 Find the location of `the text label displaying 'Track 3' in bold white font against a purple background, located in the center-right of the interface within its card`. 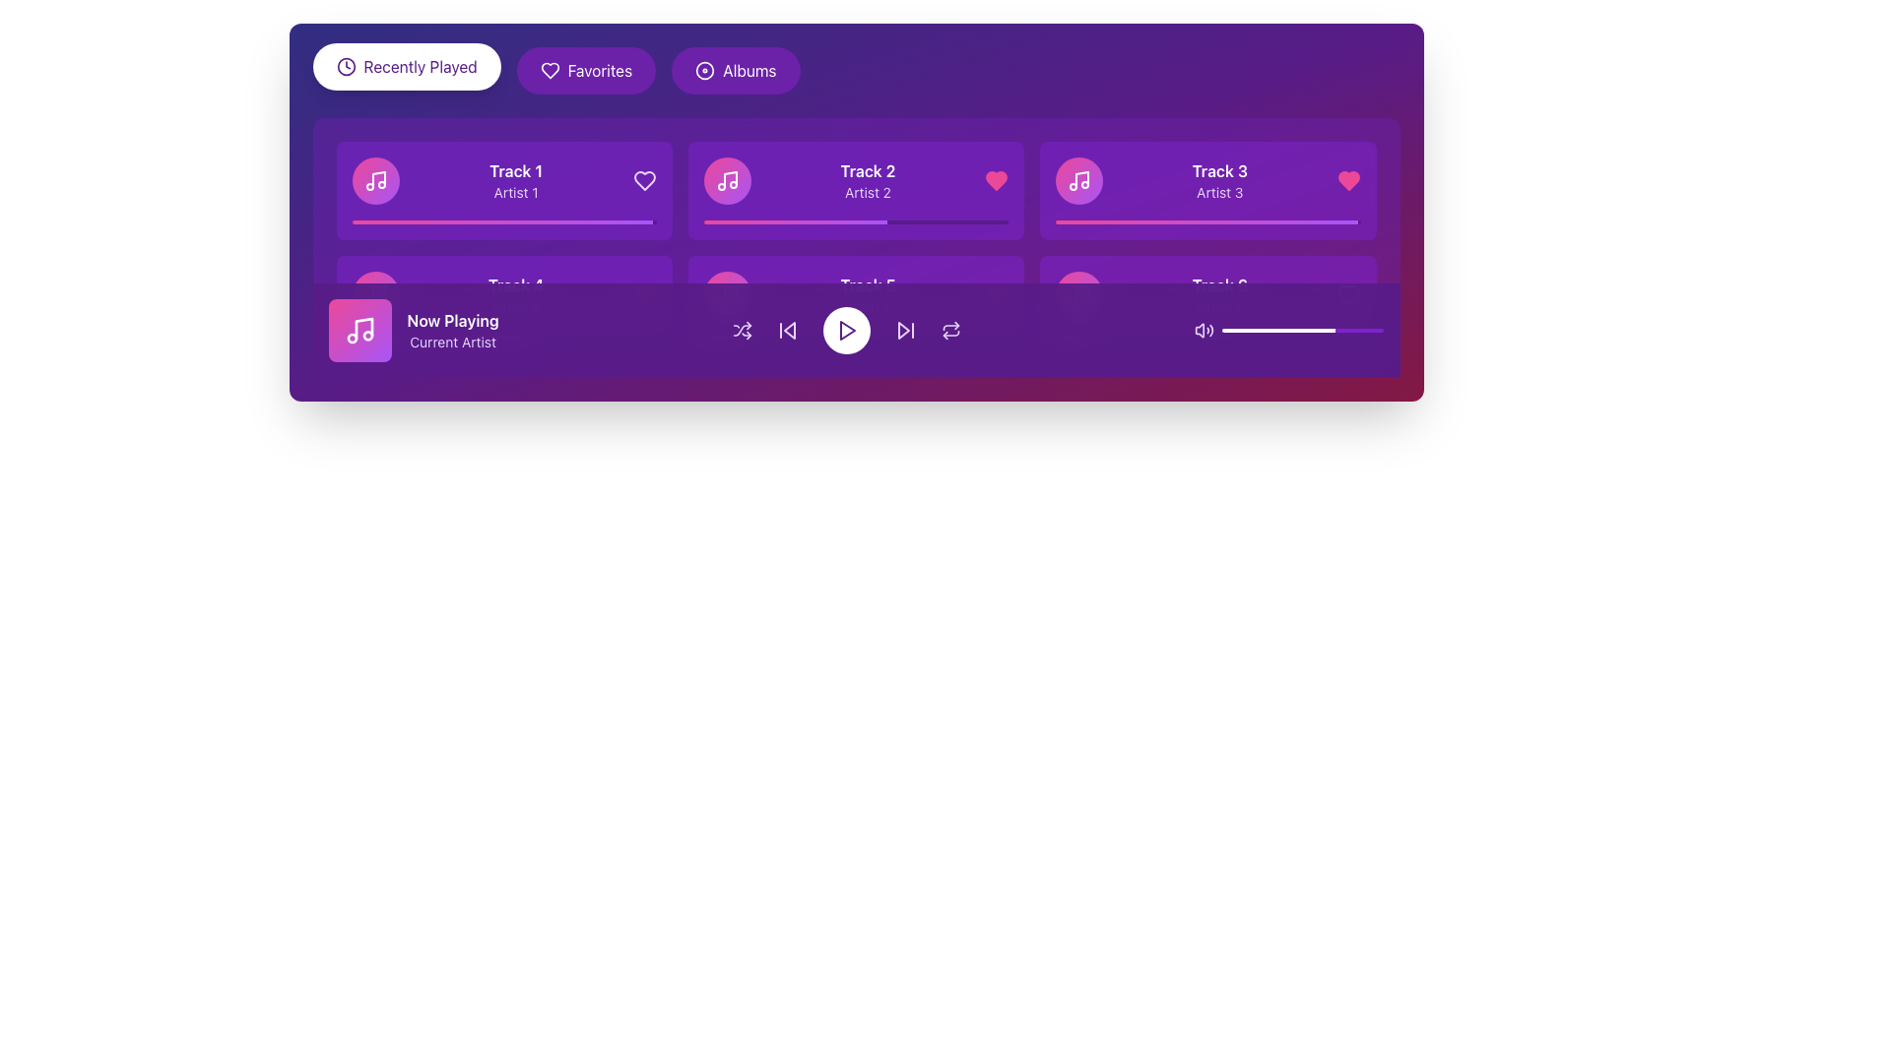

the text label displaying 'Track 3' in bold white font against a purple background, located in the center-right of the interface within its card is located at coordinates (1218, 169).